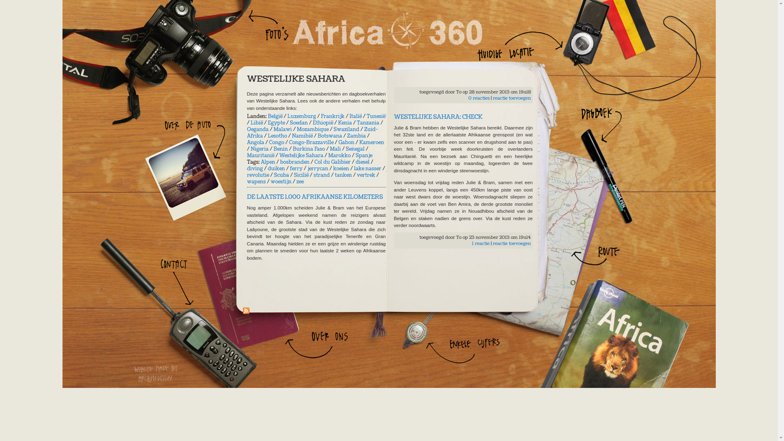 This screenshot has height=441, width=784. I want to click on 'Benin', so click(281, 149).